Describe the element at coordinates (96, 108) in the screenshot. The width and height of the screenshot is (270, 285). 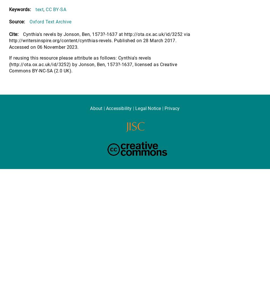
I see `'About'` at that location.